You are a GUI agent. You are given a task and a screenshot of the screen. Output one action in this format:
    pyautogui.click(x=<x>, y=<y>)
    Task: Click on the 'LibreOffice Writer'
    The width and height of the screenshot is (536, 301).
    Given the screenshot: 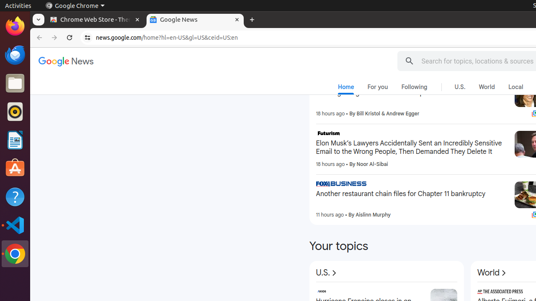 What is the action you would take?
    pyautogui.click(x=15, y=140)
    